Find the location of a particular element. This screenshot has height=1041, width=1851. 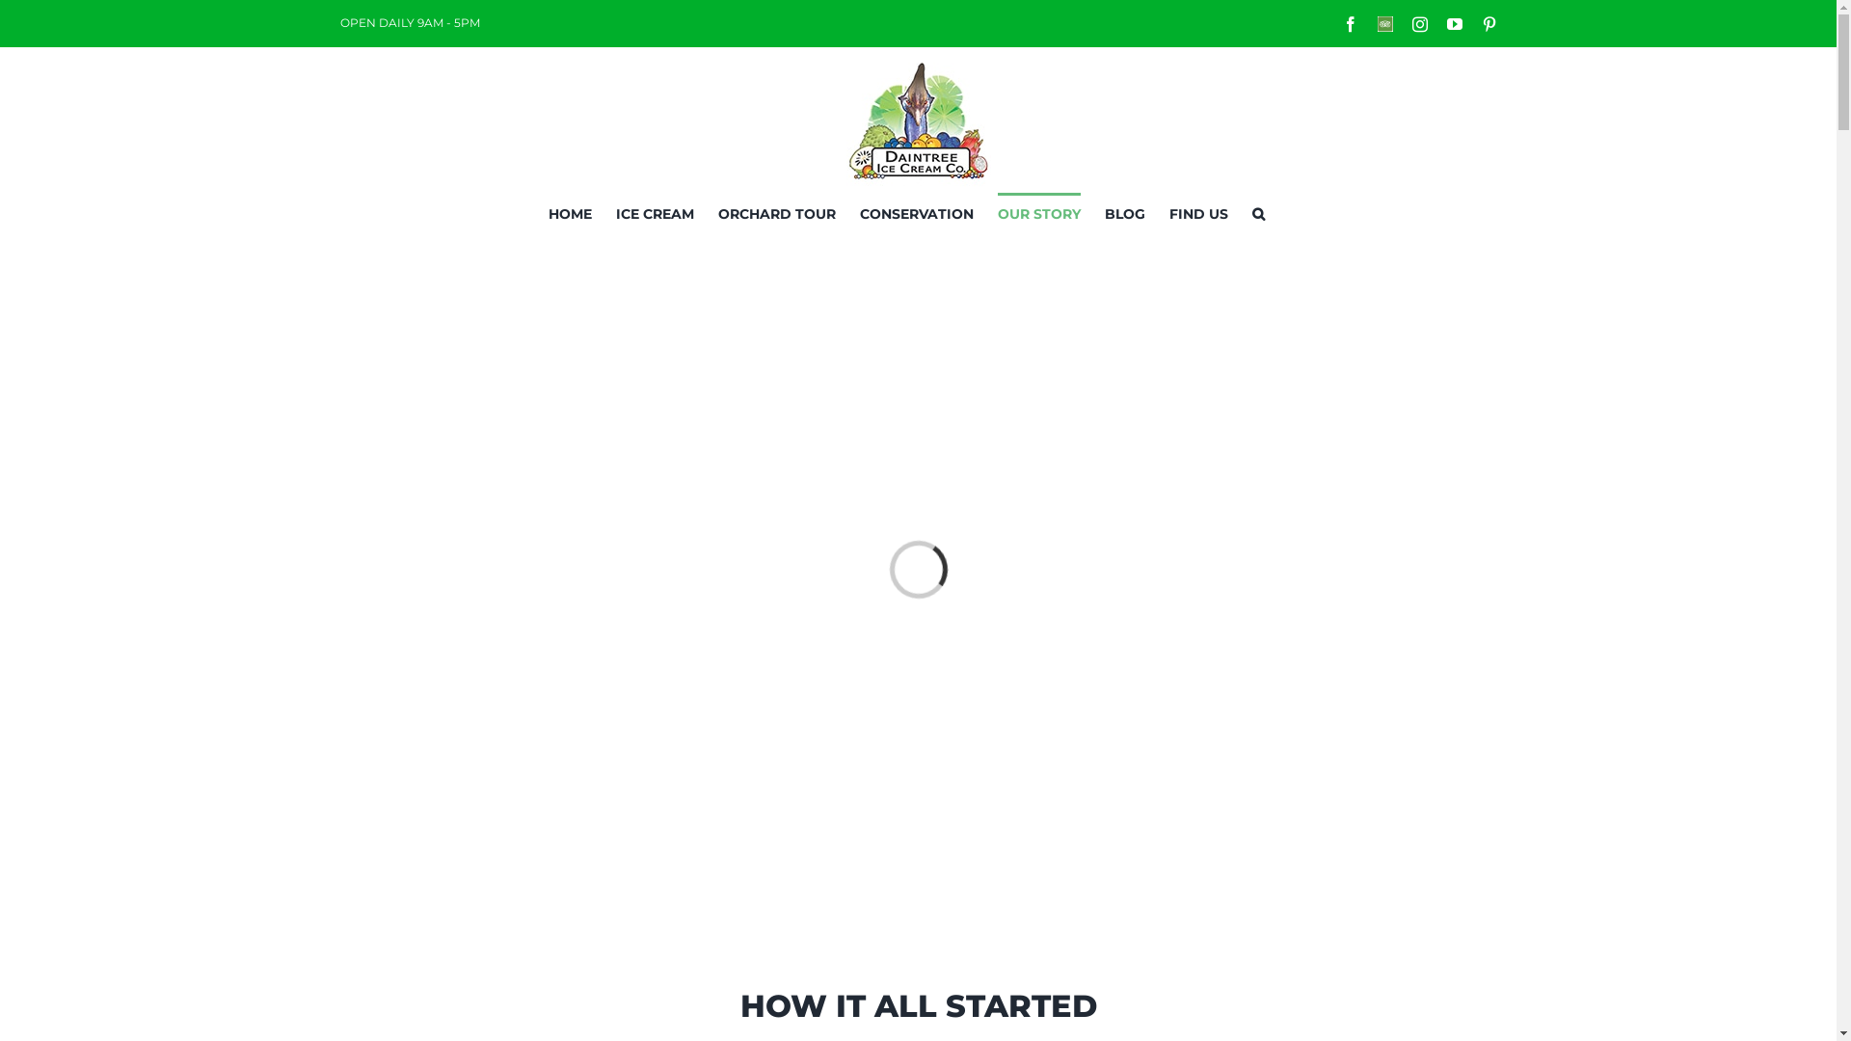

'Instagram' is located at coordinates (1411, 22).